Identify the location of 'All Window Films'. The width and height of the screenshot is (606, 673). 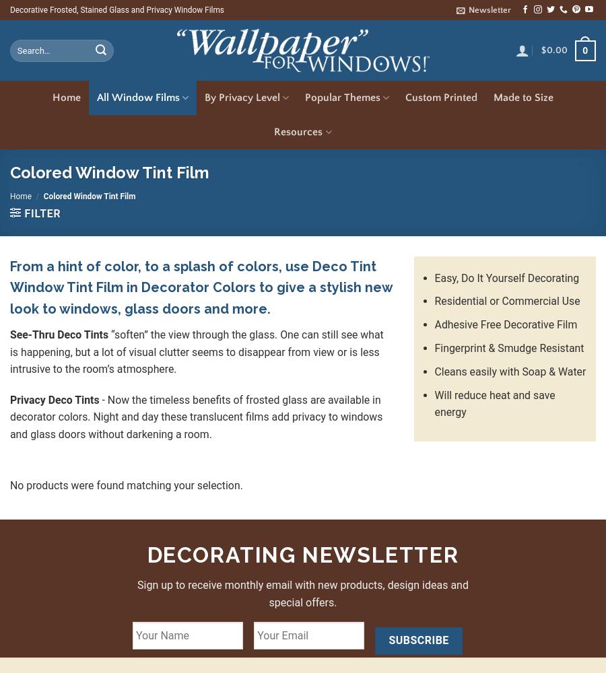
(97, 98).